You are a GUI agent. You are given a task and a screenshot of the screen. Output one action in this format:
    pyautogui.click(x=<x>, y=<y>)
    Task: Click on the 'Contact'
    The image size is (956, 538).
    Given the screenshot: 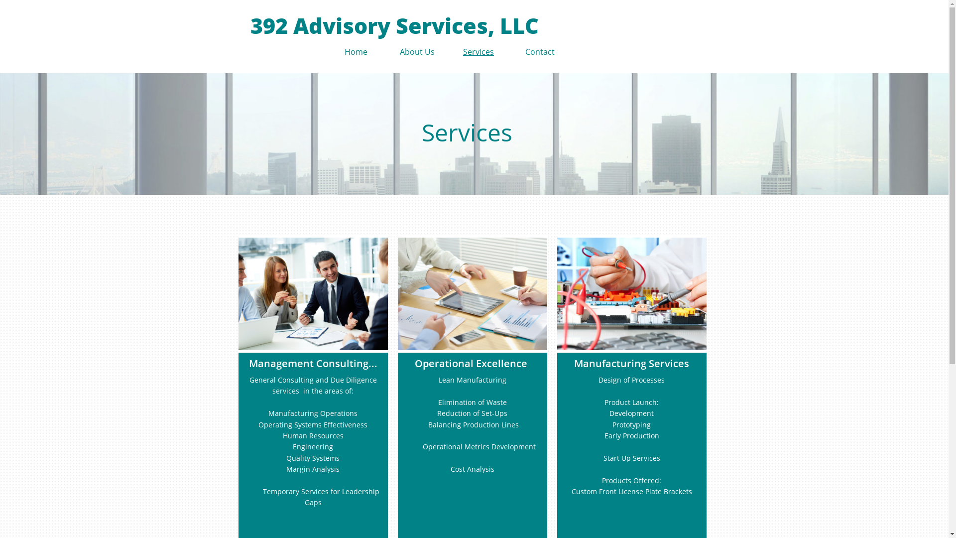 What is the action you would take?
    pyautogui.click(x=539, y=52)
    